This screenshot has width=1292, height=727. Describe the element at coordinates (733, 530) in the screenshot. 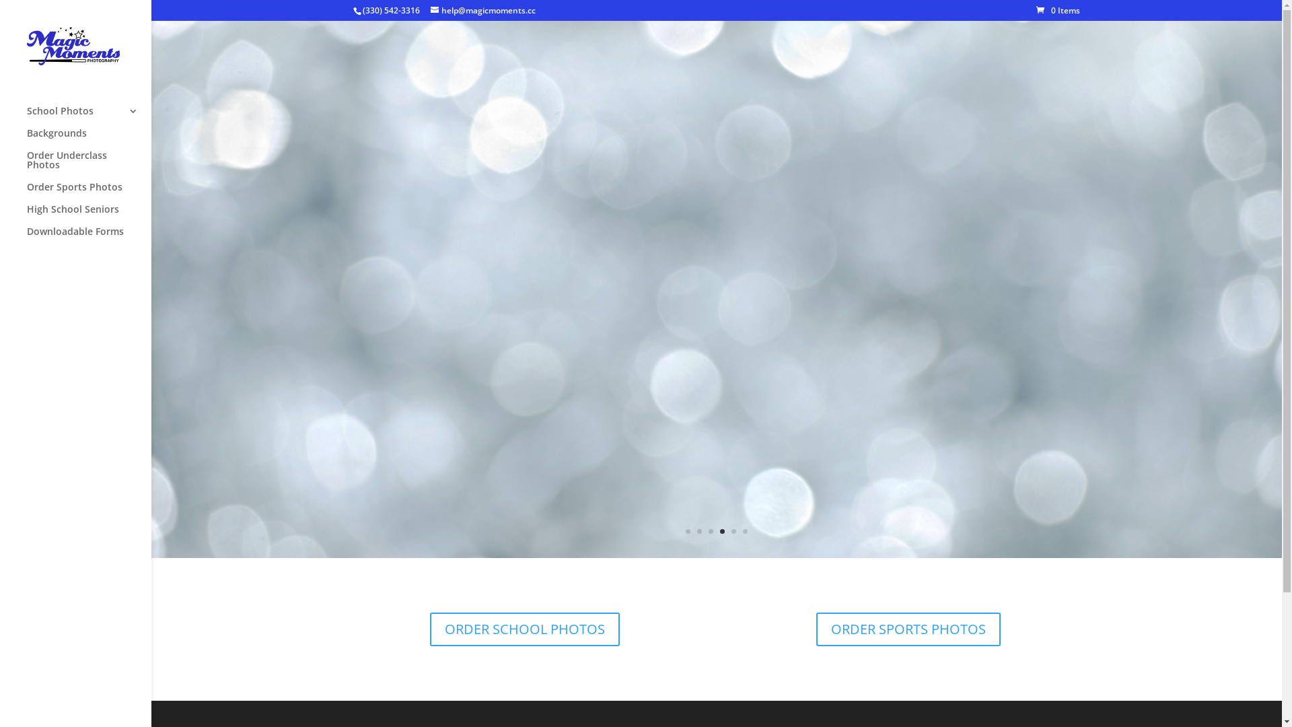

I see `'5'` at that location.